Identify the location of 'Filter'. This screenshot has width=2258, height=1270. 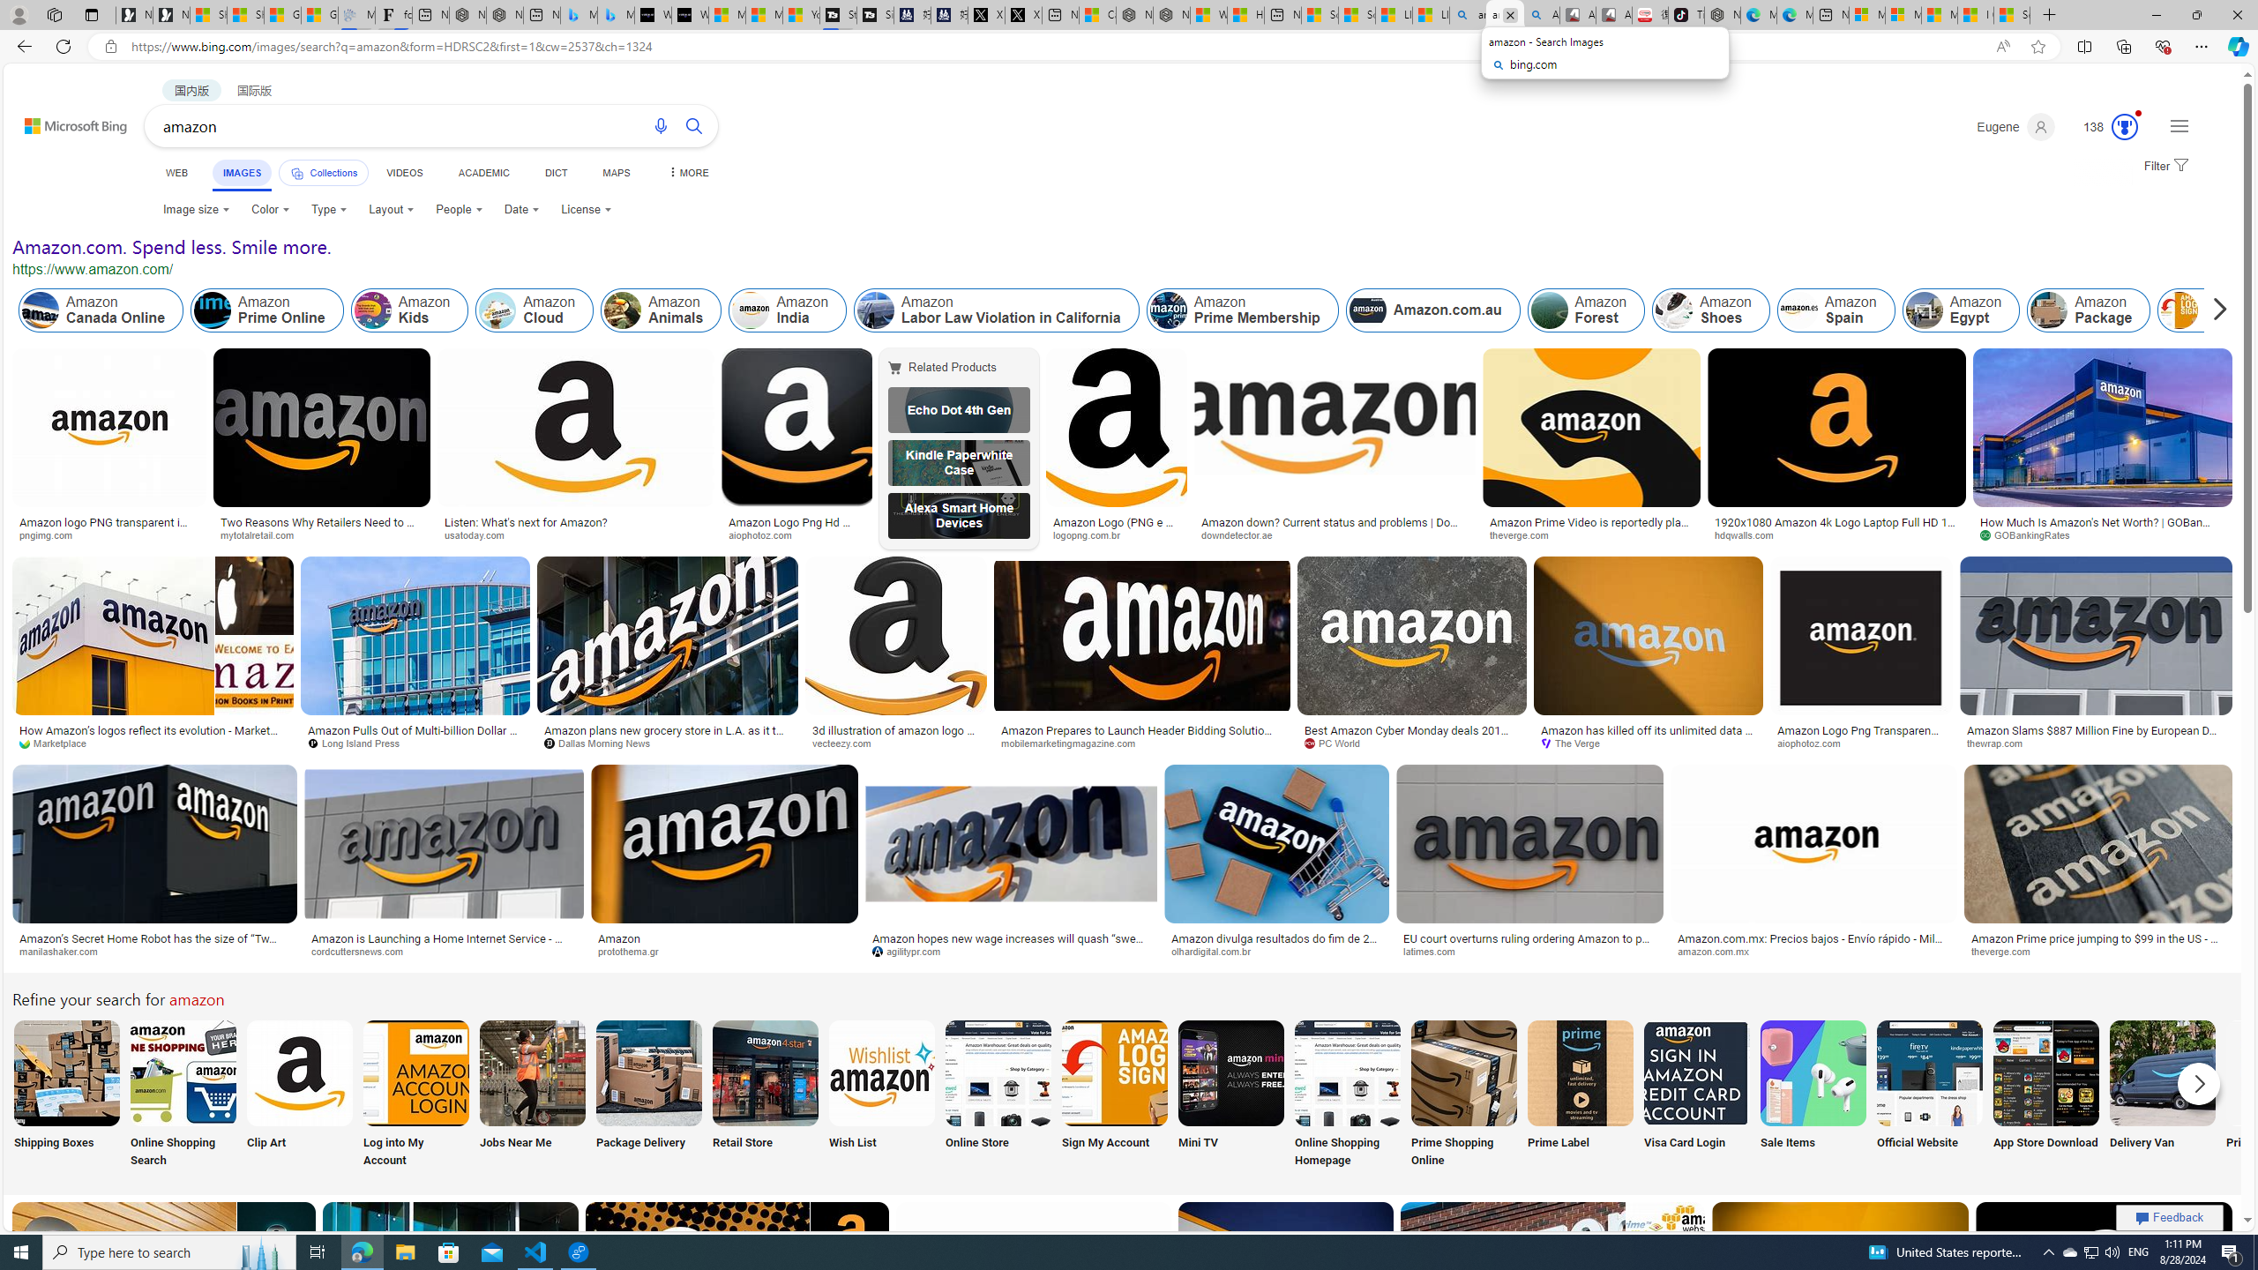
(2164, 166).